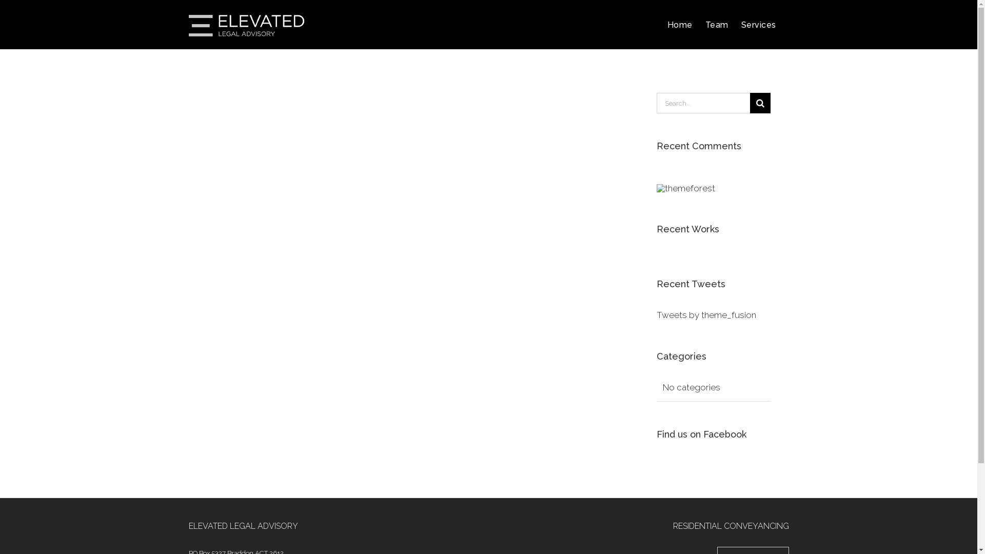 This screenshot has width=985, height=554. Describe the element at coordinates (706, 314) in the screenshot. I see `'Tweets by theme_fusion'` at that location.